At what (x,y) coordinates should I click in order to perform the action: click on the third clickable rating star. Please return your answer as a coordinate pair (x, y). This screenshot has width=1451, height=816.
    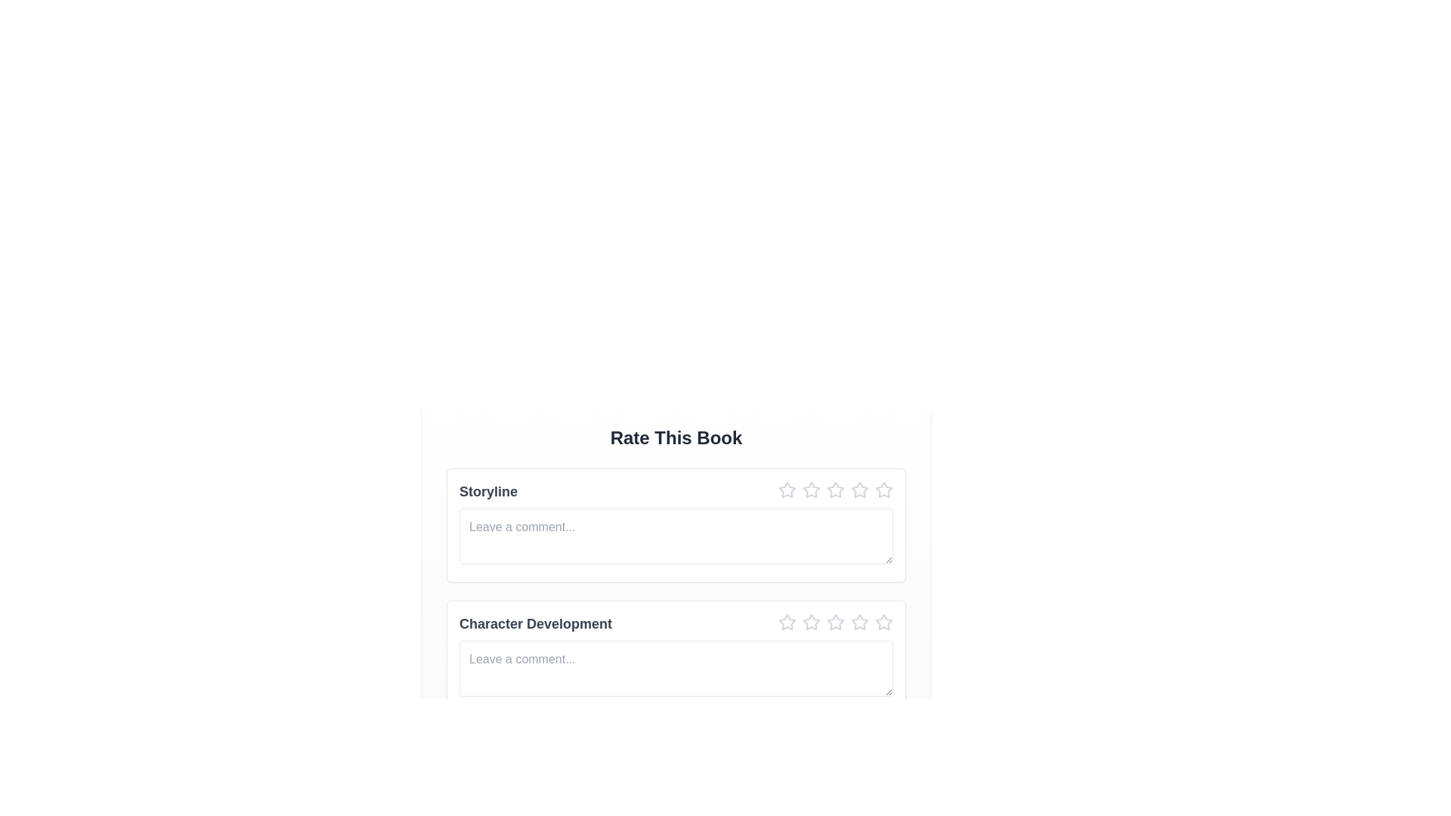
    Looking at the image, I should click on (811, 490).